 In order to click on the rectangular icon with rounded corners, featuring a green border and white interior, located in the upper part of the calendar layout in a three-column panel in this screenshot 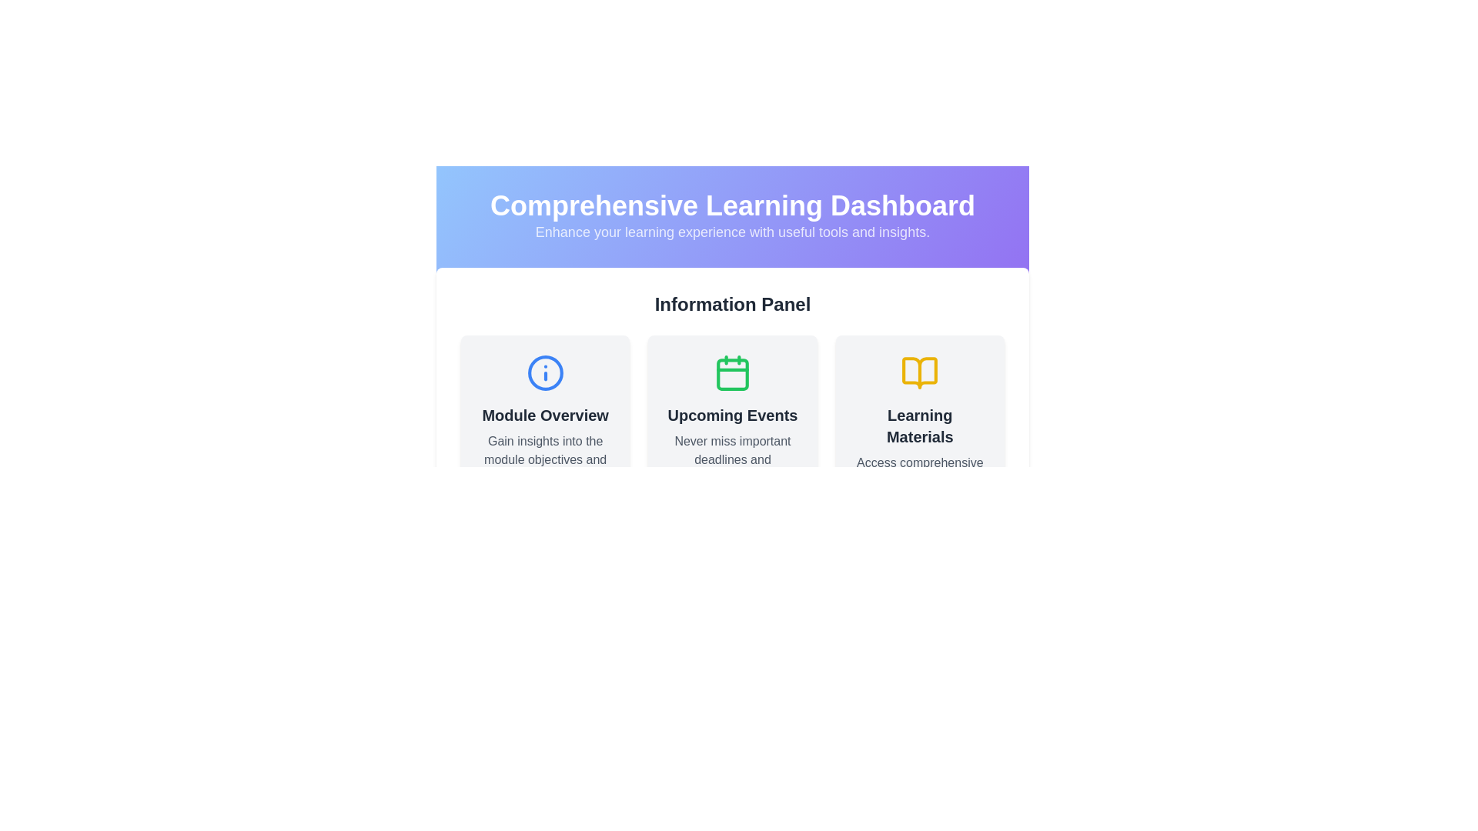, I will do `click(731, 375)`.